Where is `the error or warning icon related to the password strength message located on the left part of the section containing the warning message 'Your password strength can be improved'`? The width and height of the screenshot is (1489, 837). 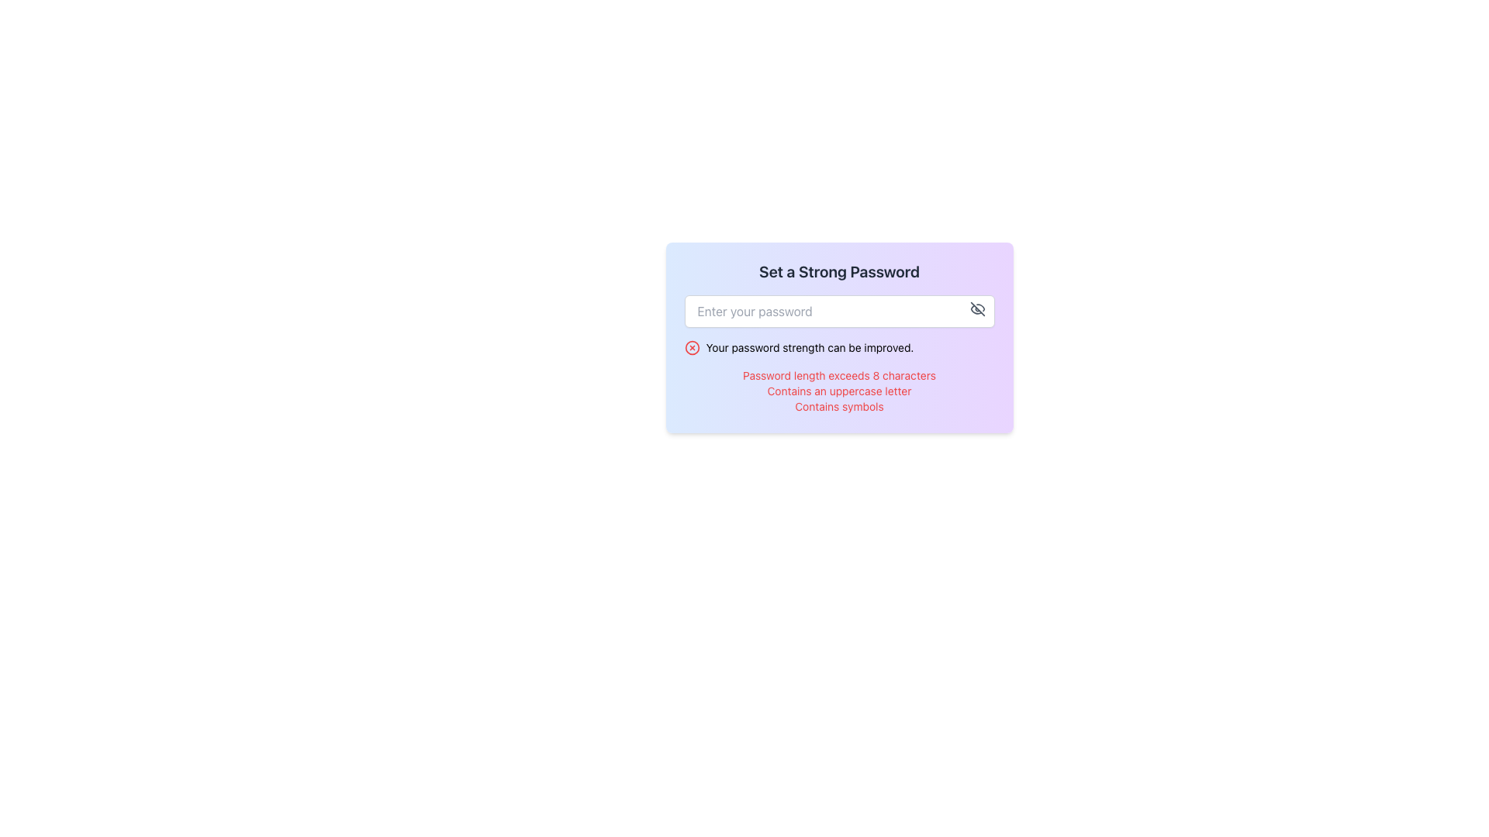
the error or warning icon related to the password strength message located on the left part of the section containing the warning message 'Your password strength can be improved' is located at coordinates (691, 346).